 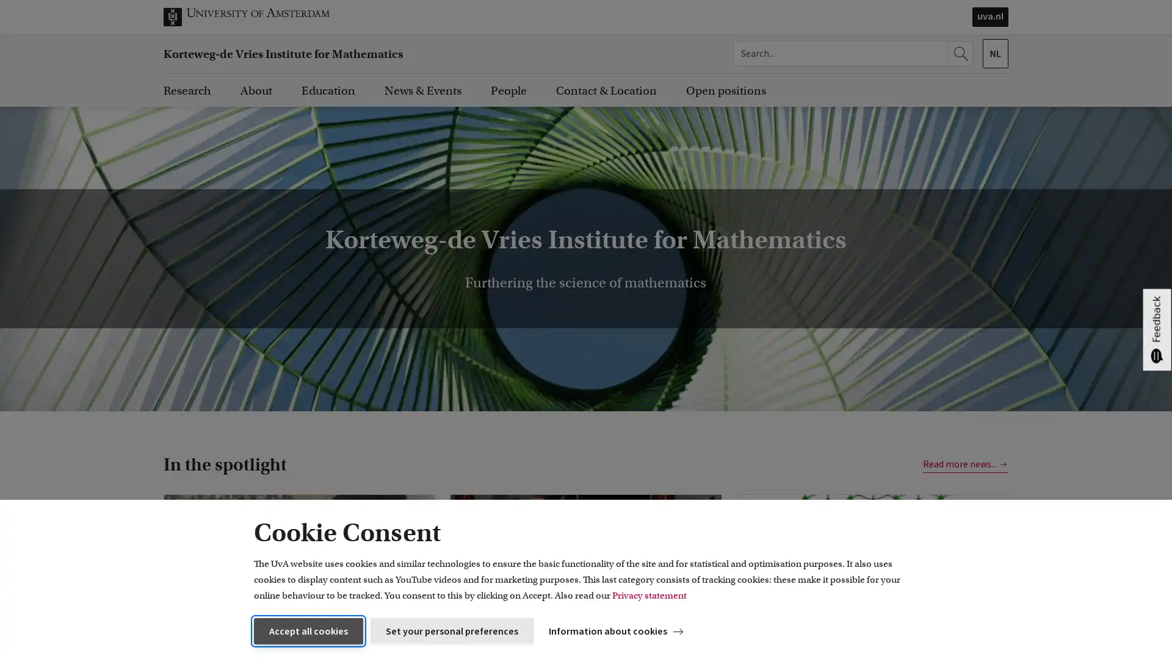 I want to click on Submit search, so click(x=962, y=53).